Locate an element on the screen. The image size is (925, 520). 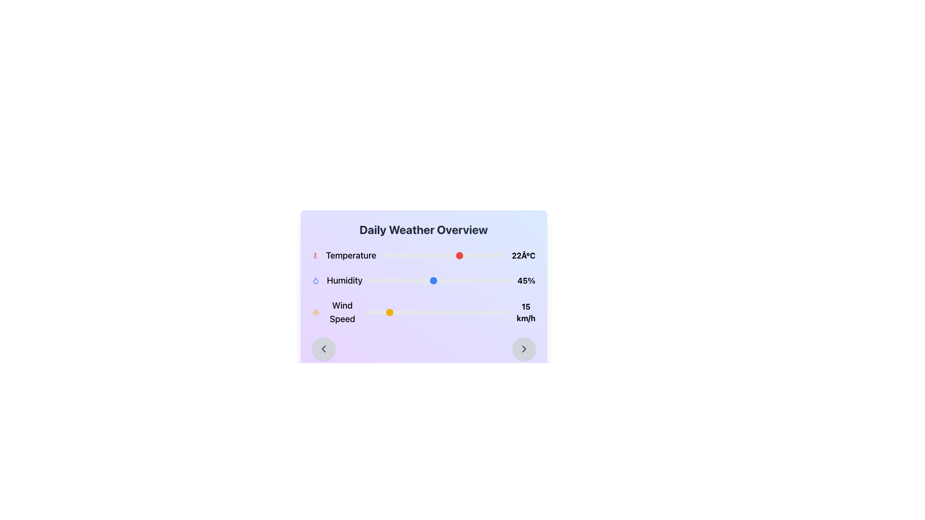
the small red thermometer icon located to the left of the 'Temperature' label in the weather overview widget is located at coordinates (315, 255).